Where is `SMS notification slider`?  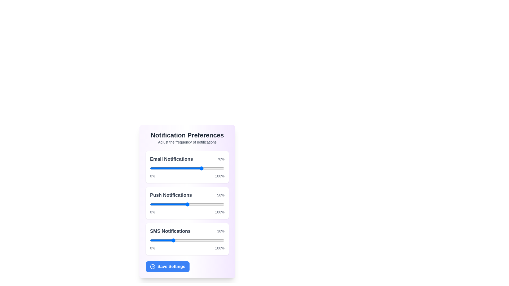 SMS notification slider is located at coordinates (212, 240).